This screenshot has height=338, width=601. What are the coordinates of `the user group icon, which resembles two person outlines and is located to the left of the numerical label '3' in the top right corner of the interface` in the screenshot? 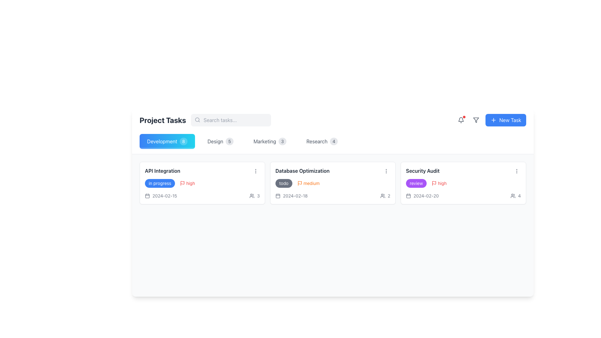 It's located at (252, 195).